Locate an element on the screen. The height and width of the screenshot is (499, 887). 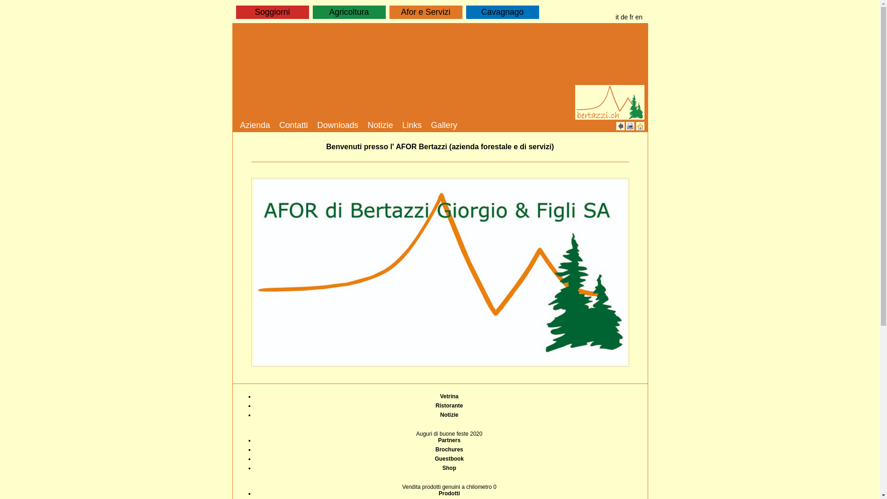
'Agricoltura' is located at coordinates (348, 12).